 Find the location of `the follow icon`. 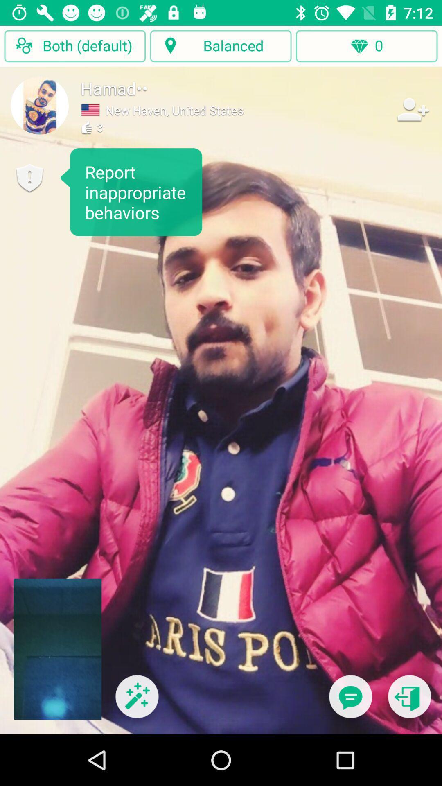

the follow icon is located at coordinates (412, 109).